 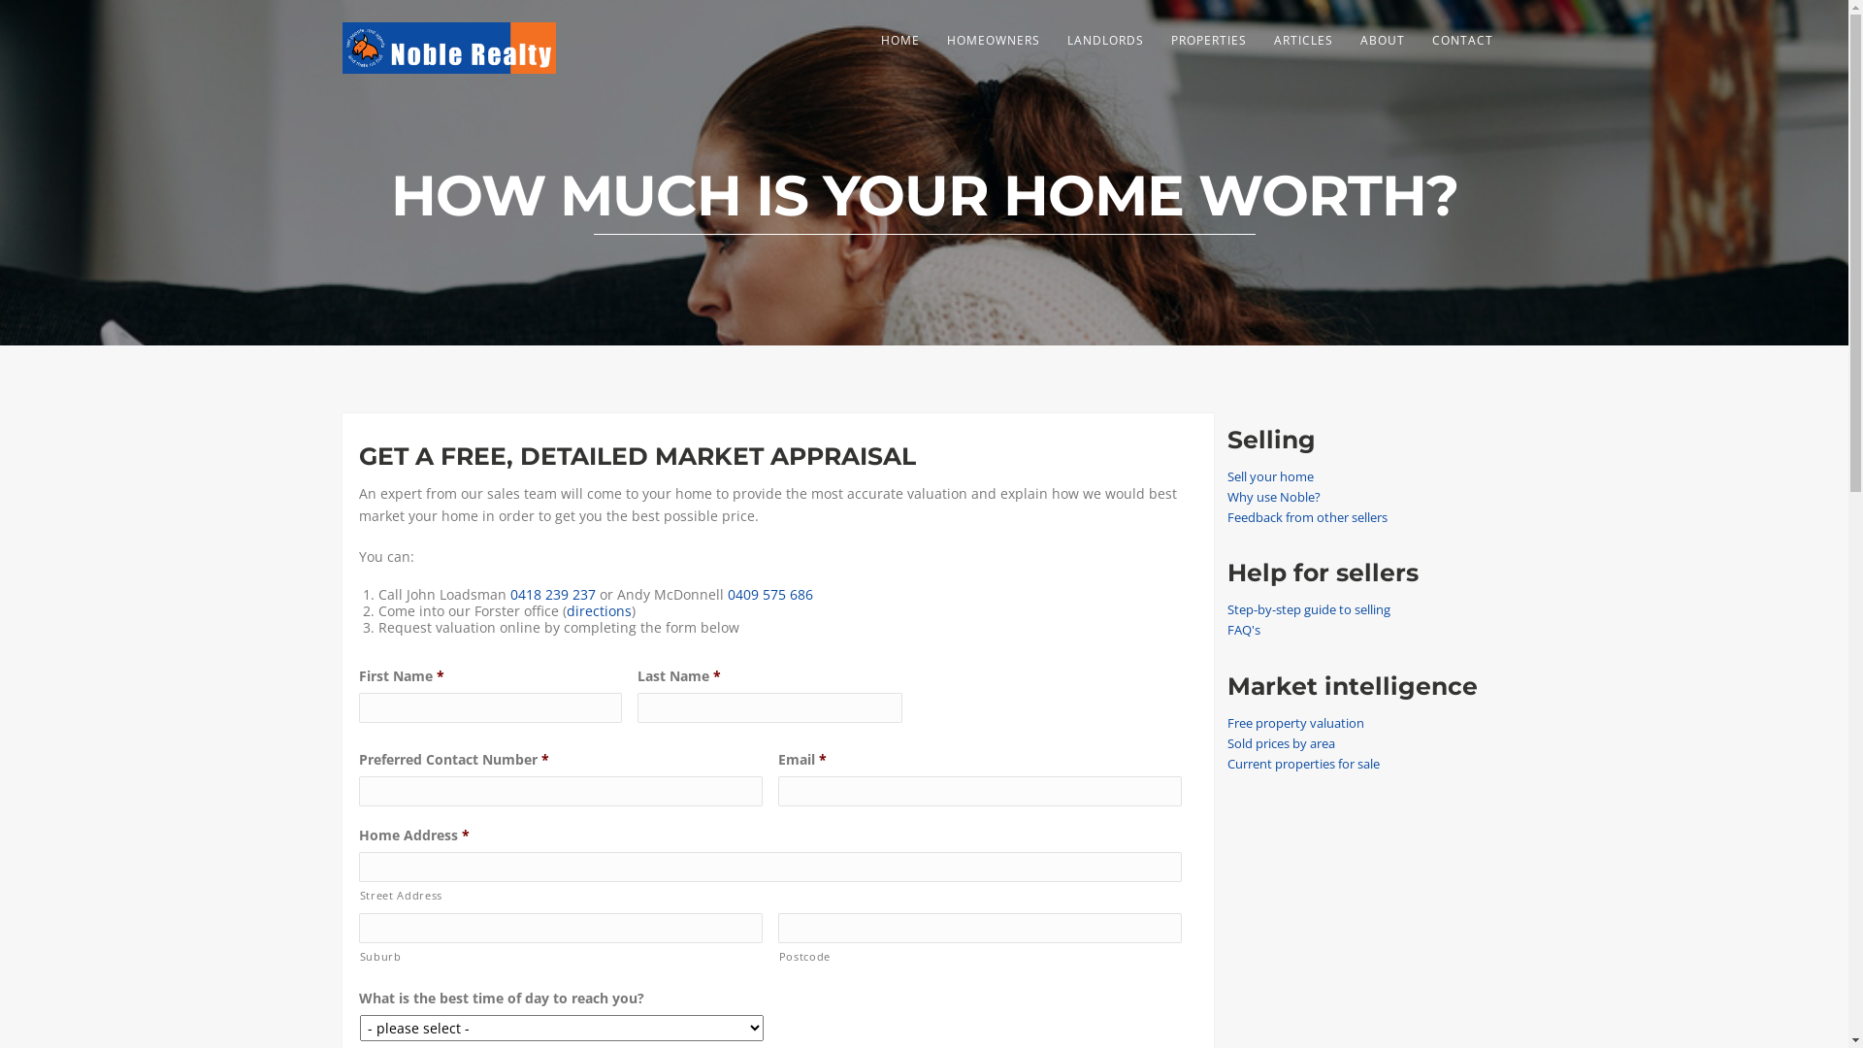 What do you see at coordinates (768, 593) in the screenshot?
I see `'0409 575 686'` at bounding box center [768, 593].